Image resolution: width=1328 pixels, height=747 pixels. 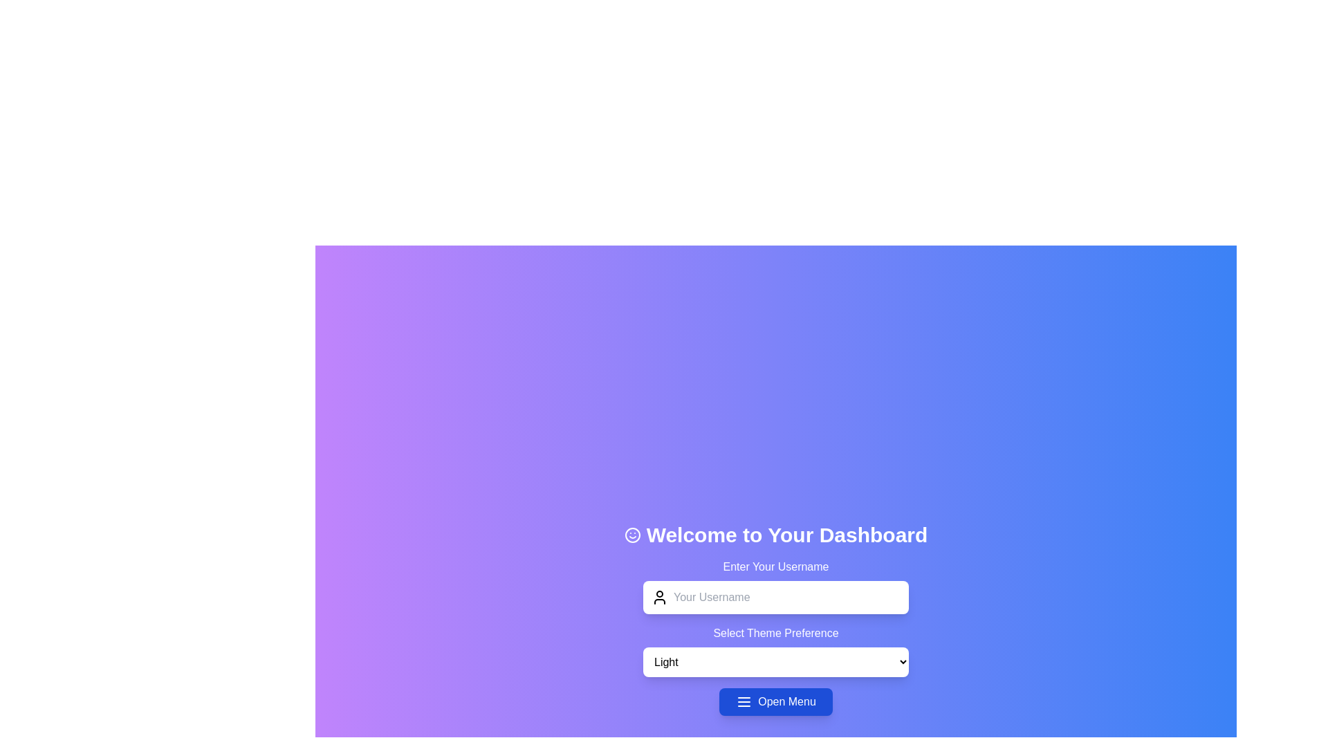 What do you see at coordinates (776, 586) in the screenshot?
I see `the Text Input field for username, located centrally below the 'Welcome to Your Dashboard' title` at bounding box center [776, 586].